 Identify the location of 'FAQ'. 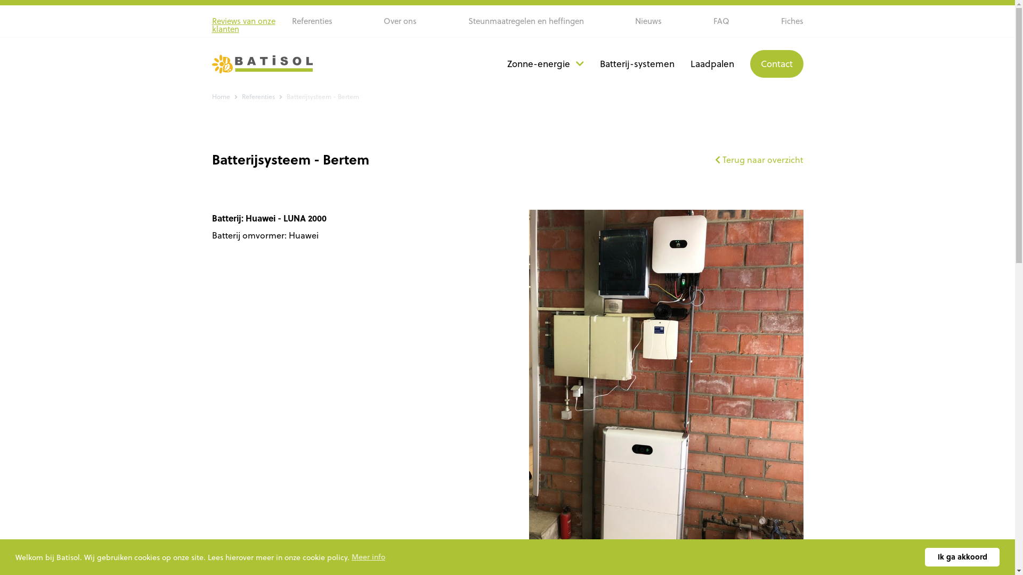
(721, 21).